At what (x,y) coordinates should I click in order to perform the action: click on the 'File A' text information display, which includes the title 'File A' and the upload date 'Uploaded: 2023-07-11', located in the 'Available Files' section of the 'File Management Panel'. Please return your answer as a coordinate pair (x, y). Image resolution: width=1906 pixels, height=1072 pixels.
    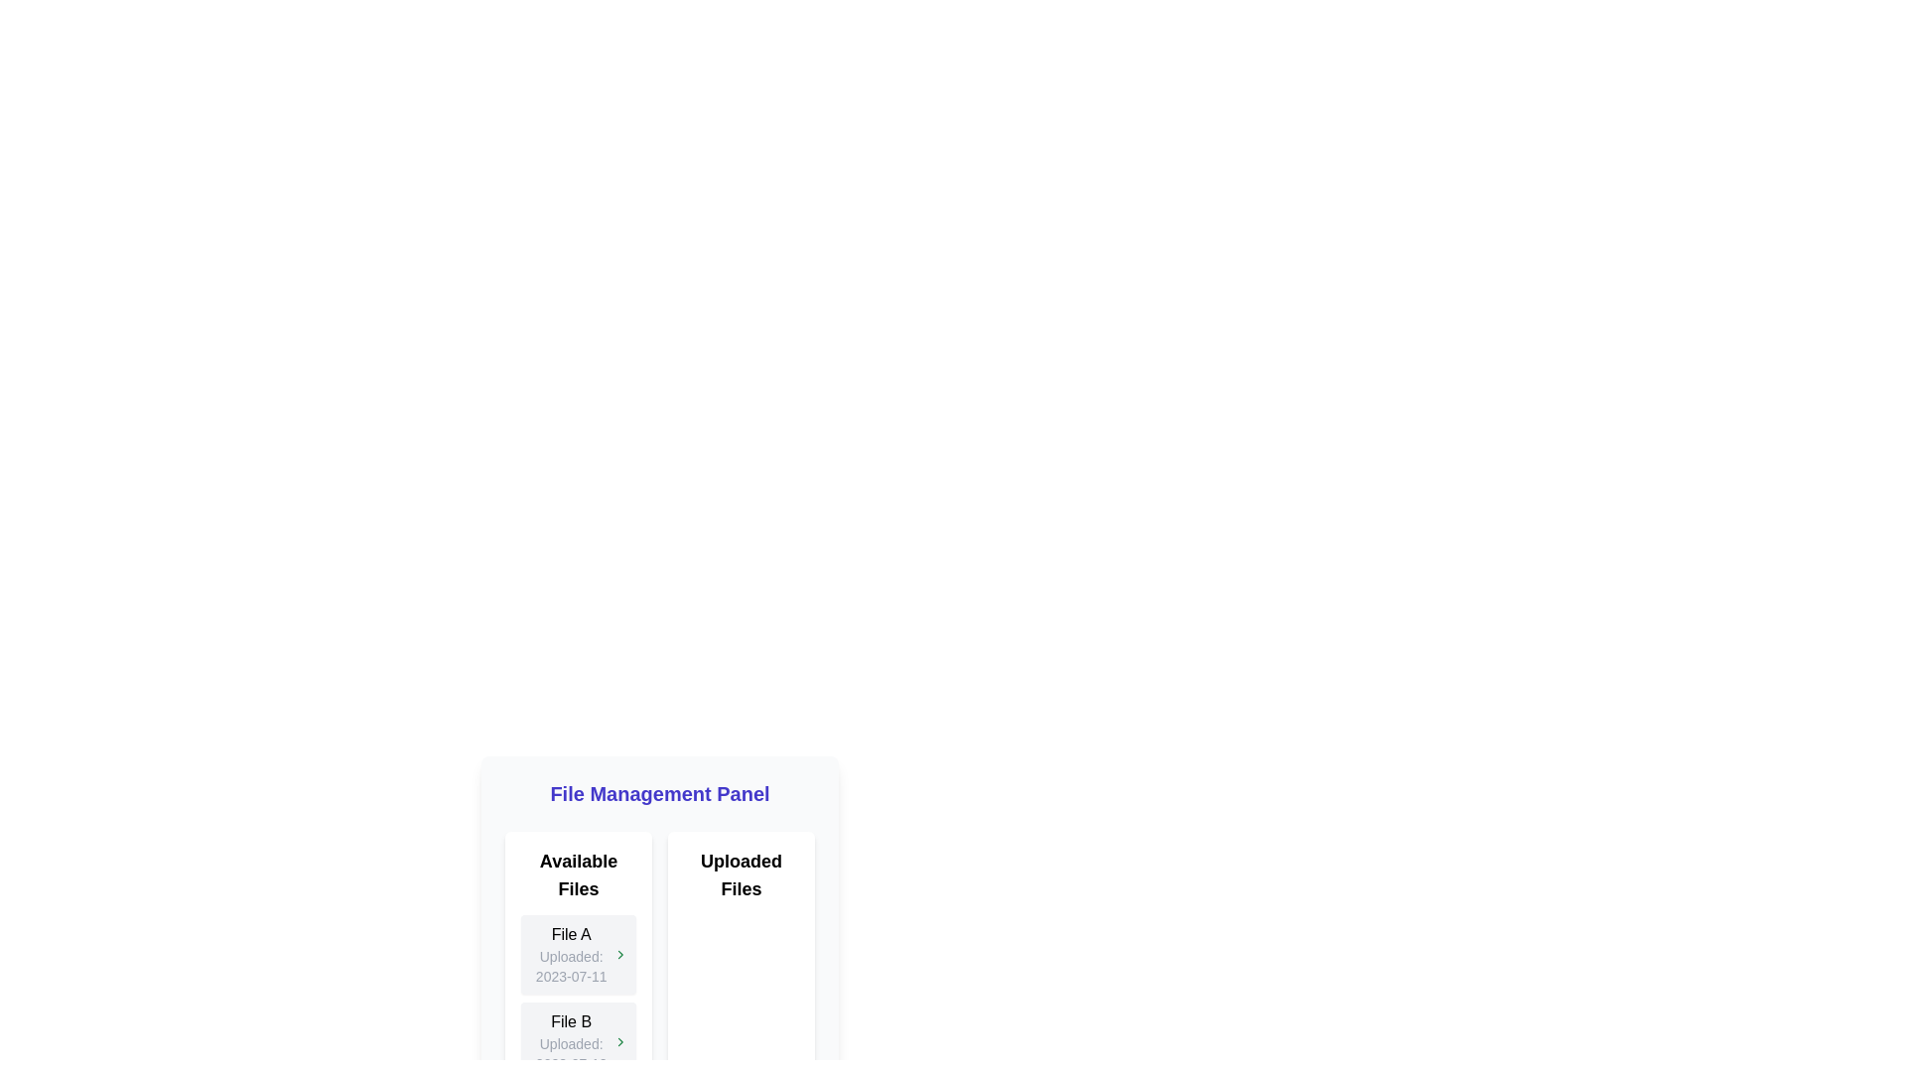
    Looking at the image, I should click on (570, 953).